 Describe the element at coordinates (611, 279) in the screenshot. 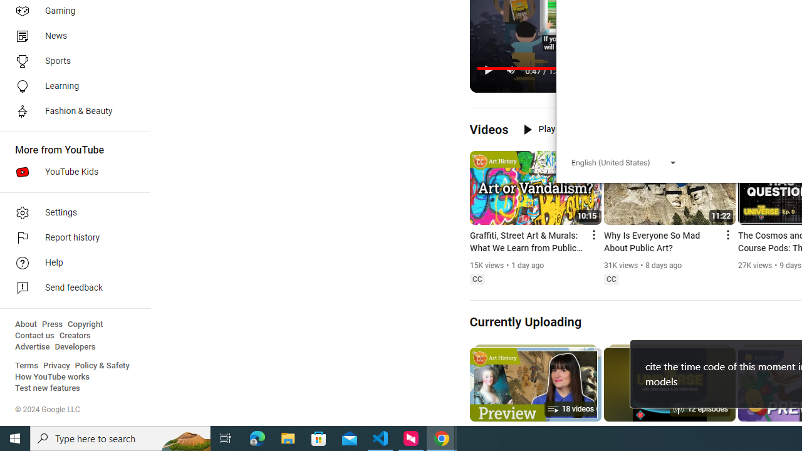

I see `'Closed captions'` at that location.